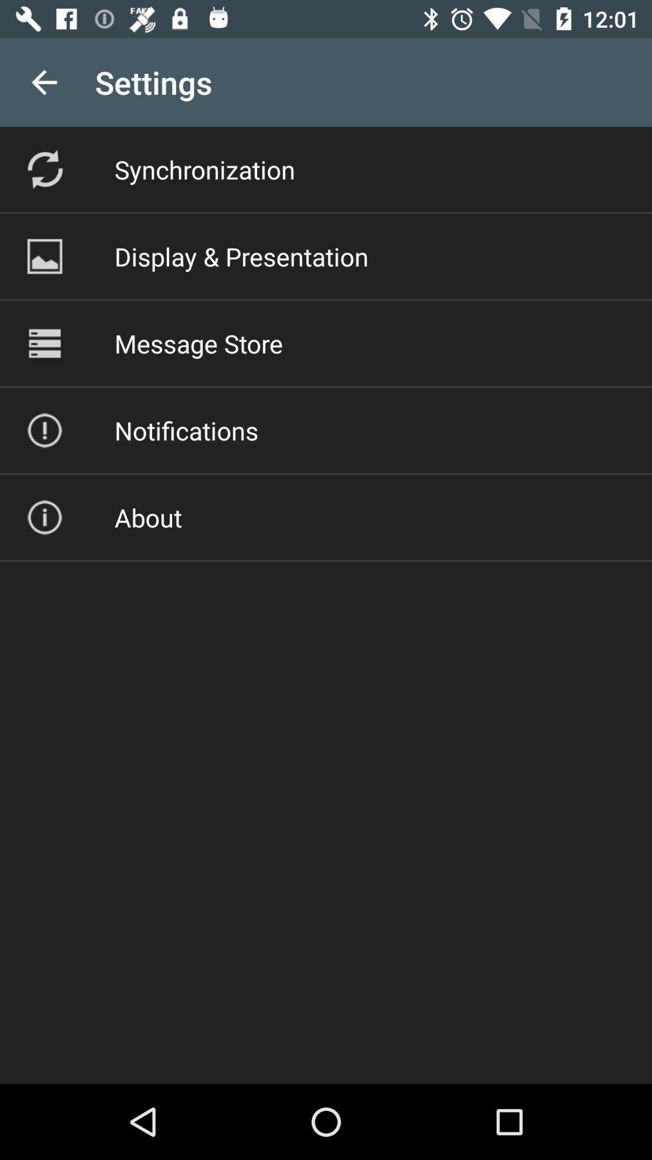 This screenshot has height=1160, width=652. What do you see at coordinates (147, 517) in the screenshot?
I see `the about` at bounding box center [147, 517].